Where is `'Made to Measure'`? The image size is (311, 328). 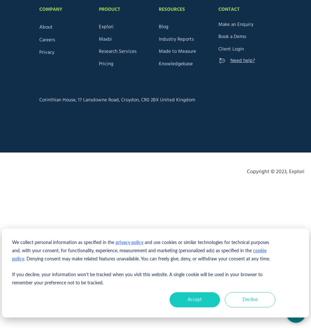
'Made to Measure' is located at coordinates (177, 51).